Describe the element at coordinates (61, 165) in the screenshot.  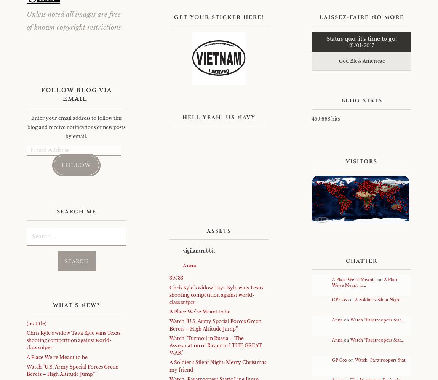
I see `'Follow'` at that location.